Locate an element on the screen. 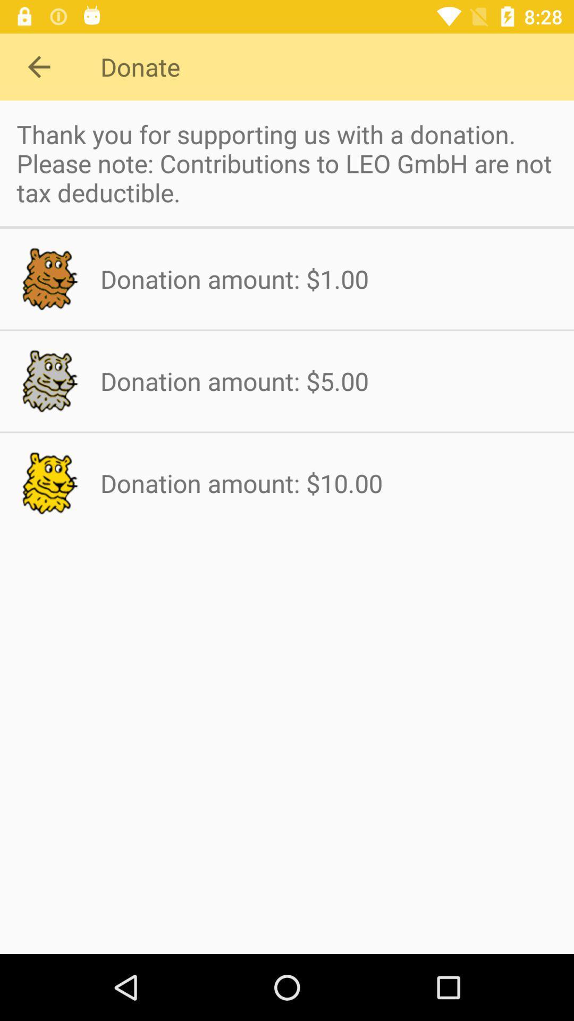 The width and height of the screenshot is (574, 1021). the icon above thank you for item is located at coordinates (38, 66).